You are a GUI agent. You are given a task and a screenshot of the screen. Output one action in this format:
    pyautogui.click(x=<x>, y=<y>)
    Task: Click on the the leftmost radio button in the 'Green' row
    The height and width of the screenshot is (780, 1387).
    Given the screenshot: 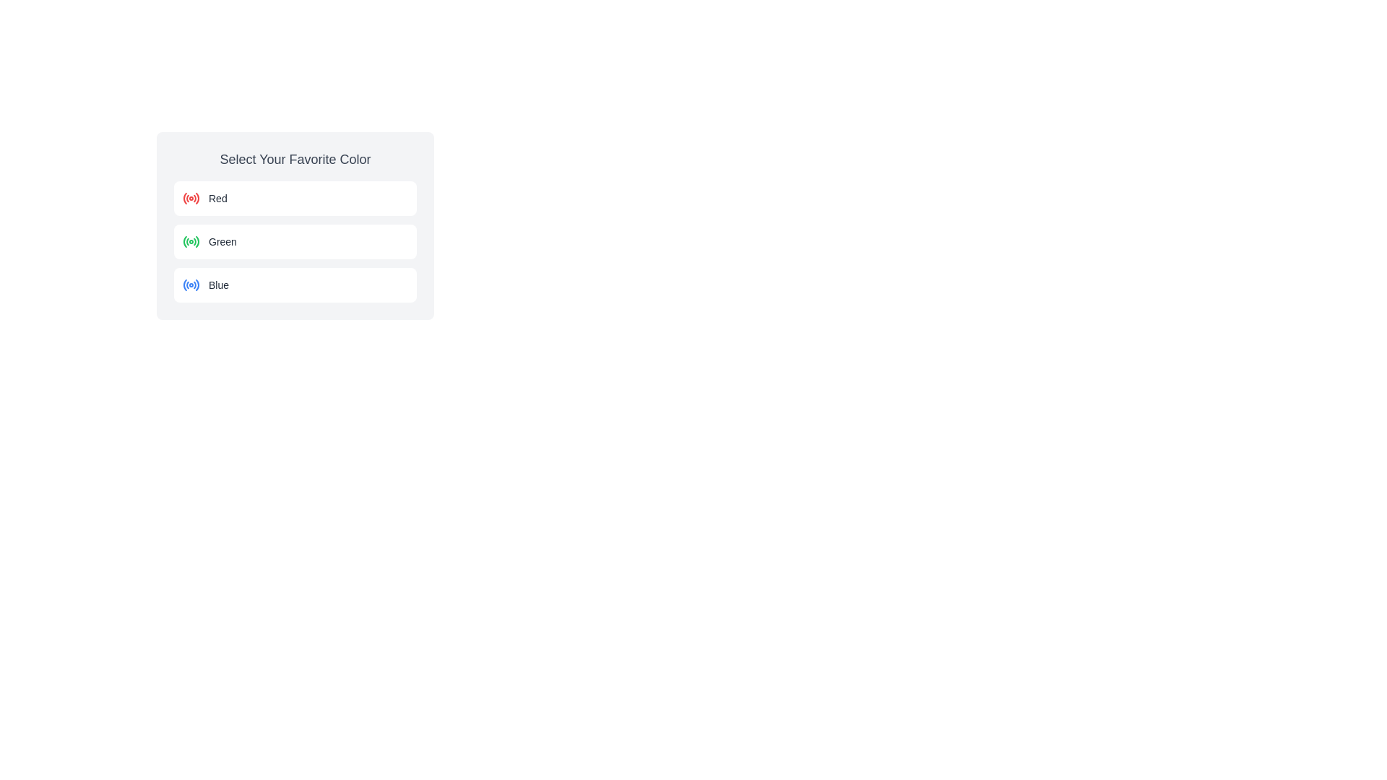 What is the action you would take?
    pyautogui.click(x=190, y=241)
    